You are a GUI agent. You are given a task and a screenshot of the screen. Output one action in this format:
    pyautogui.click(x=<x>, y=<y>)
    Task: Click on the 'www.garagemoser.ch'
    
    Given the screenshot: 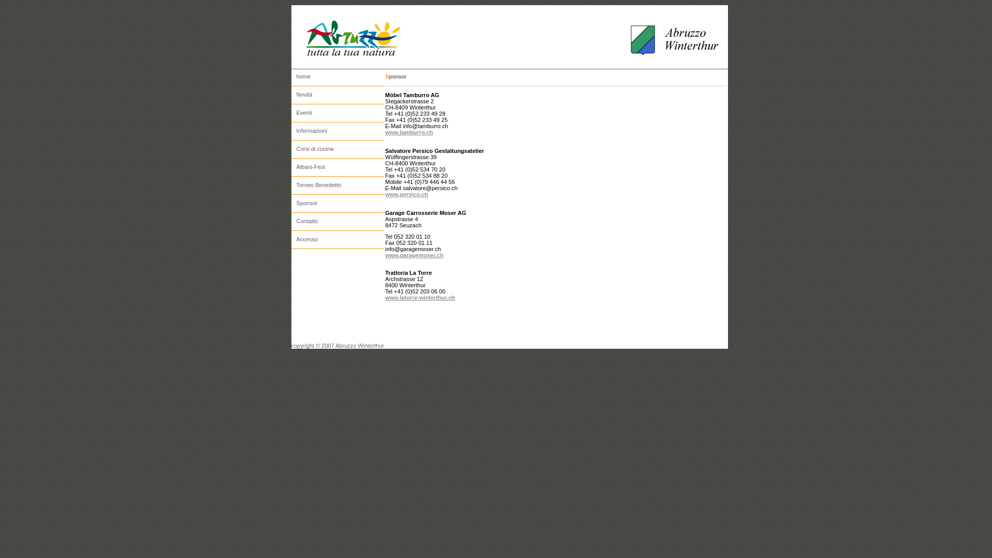 What is the action you would take?
    pyautogui.click(x=414, y=255)
    